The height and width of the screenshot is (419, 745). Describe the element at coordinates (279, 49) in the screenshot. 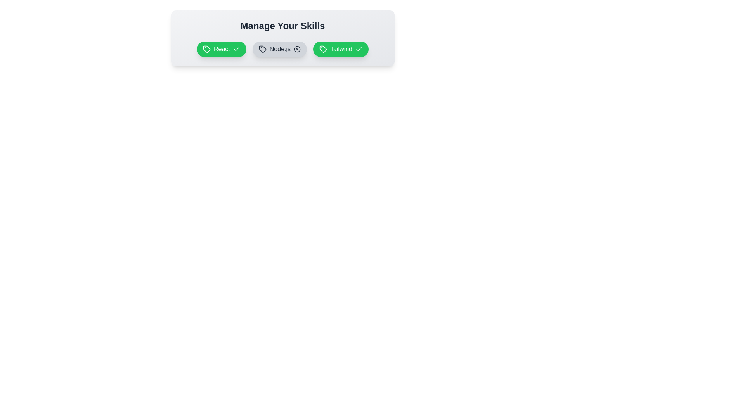

I see `the skill tag Node.js to inspect its state` at that location.